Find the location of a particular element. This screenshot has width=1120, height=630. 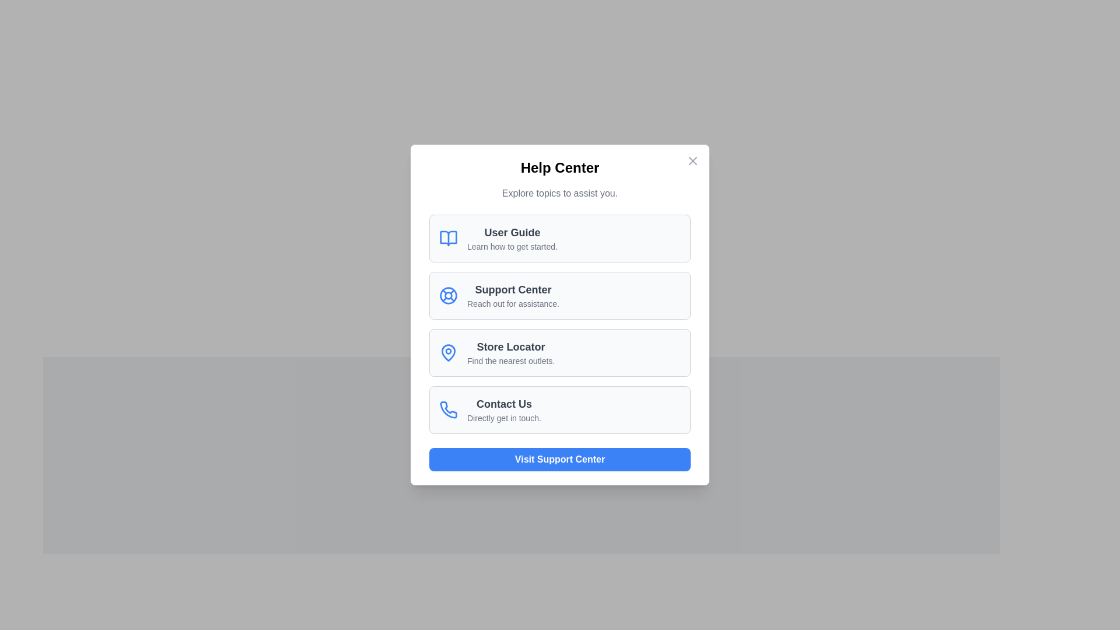

the 'Store Locator' SVG icon located in the third row of options within the 'Help Center' modal, to the left of the text 'Store Locator' is located at coordinates (447, 352).